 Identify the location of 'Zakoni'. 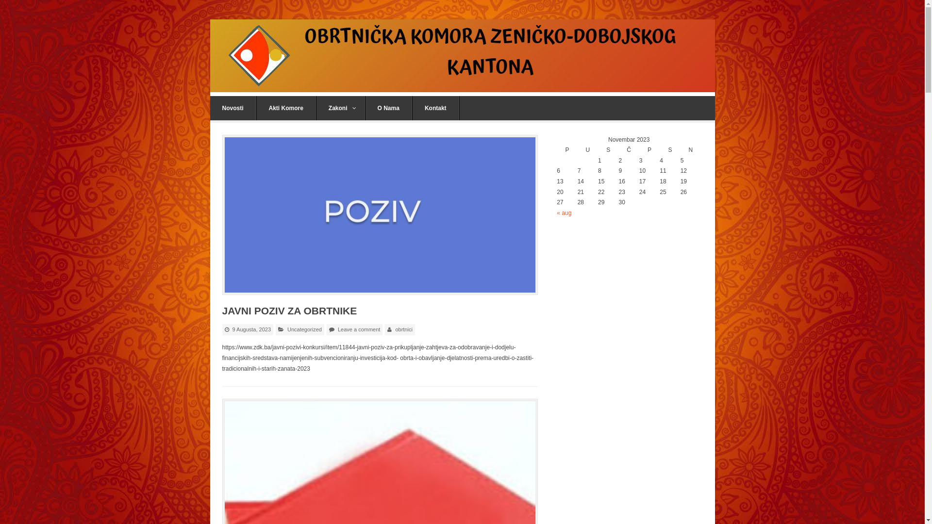
(340, 108).